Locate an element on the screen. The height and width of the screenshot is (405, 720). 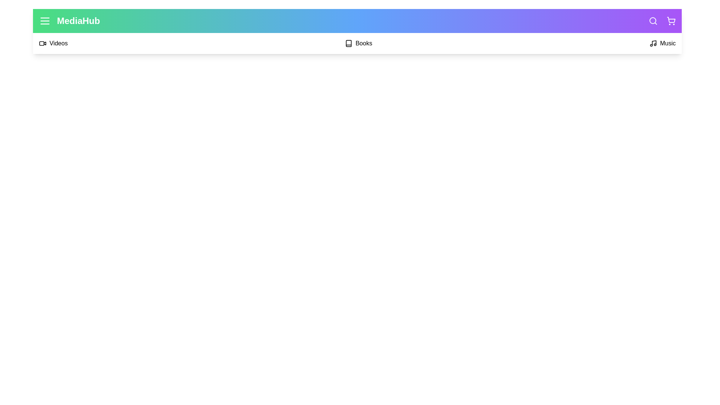
the shopping cart icon to view the shopping cart is located at coordinates (671, 21).